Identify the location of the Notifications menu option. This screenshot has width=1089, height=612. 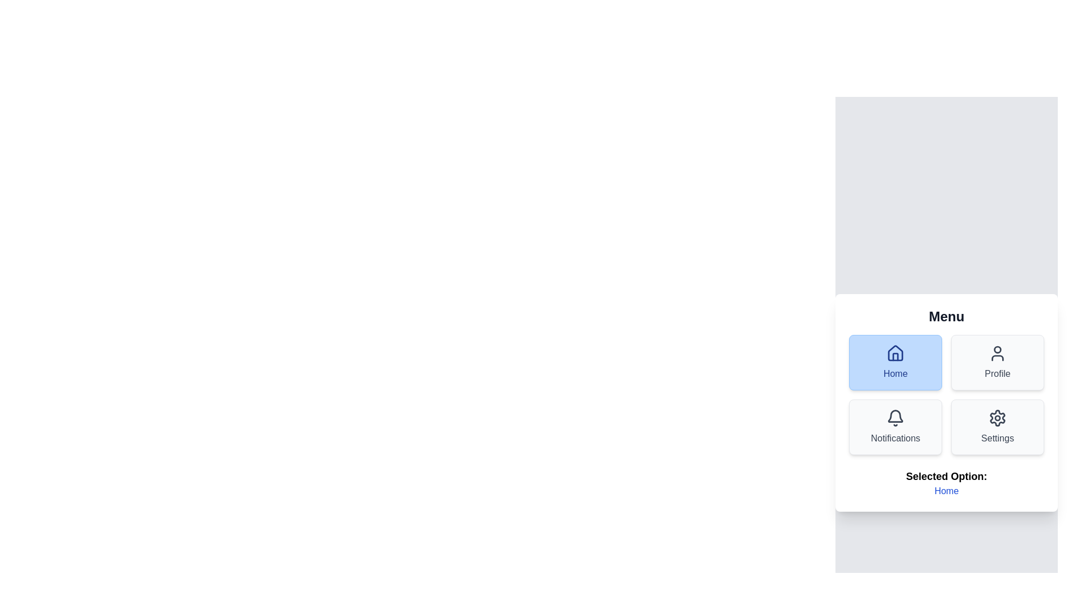
(895, 427).